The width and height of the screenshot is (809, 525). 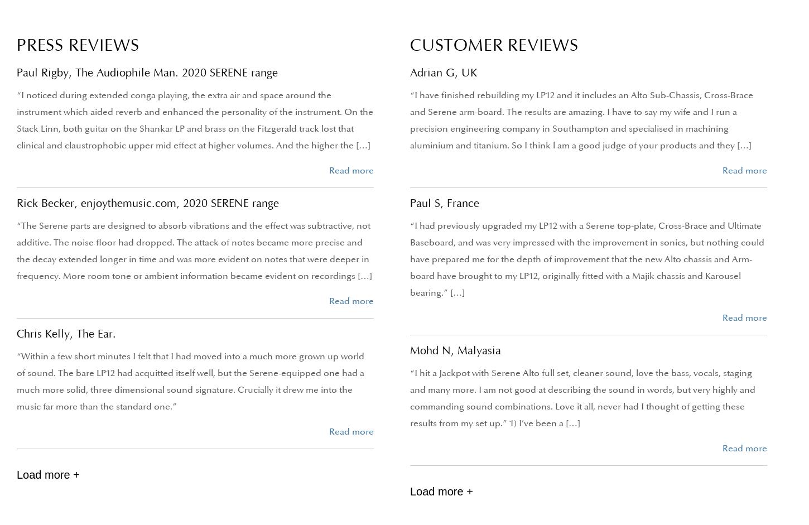 I want to click on '“I had previously upgraded my LP12 with a Serene top-plate, Cross-Brace and Ultimate Baseboard, and was very impressed with the improvement in sonics, but nothing could have prepared me for the depth of improvement that the new Alto chassis and Arm-board have brought to my LP12, originally fitted with a Majik chassis and Karousel bearing.” […]', so click(x=410, y=259).